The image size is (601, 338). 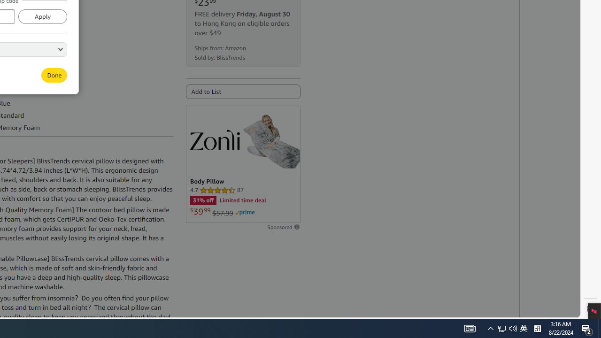 I want to click on 'Prime', so click(x=245, y=213).